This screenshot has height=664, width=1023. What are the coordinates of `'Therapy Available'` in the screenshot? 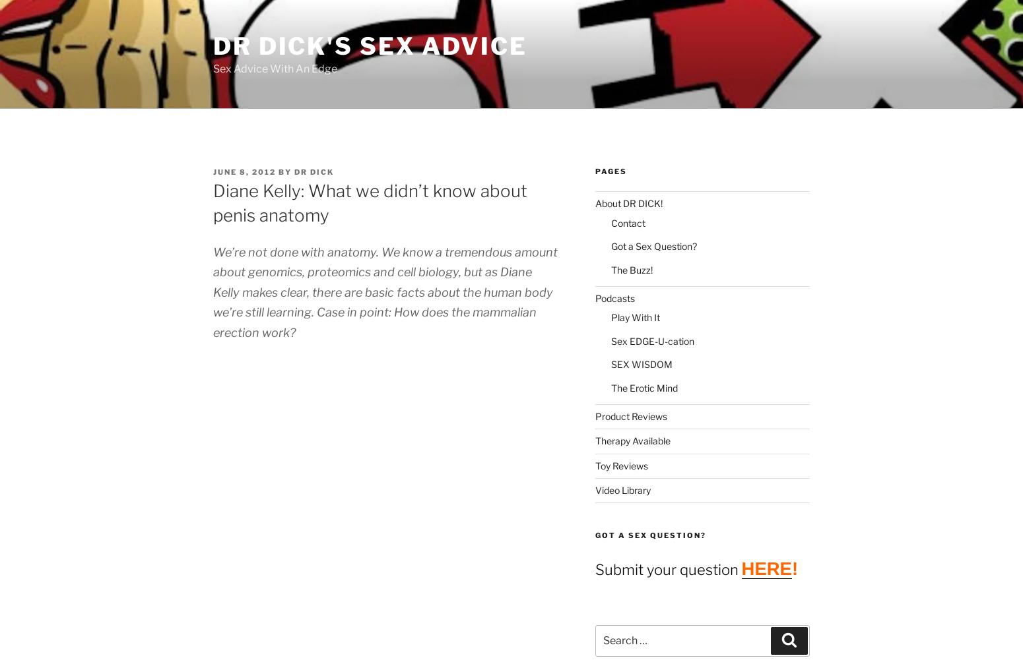 It's located at (632, 440).